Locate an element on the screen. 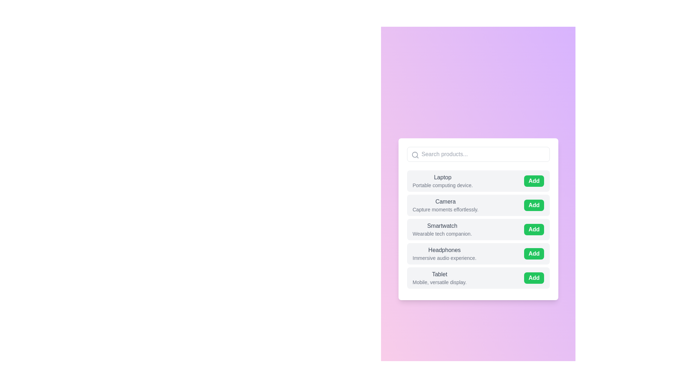  the product title text label, which is the fourth item in the list is located at coordinates (444, 250).